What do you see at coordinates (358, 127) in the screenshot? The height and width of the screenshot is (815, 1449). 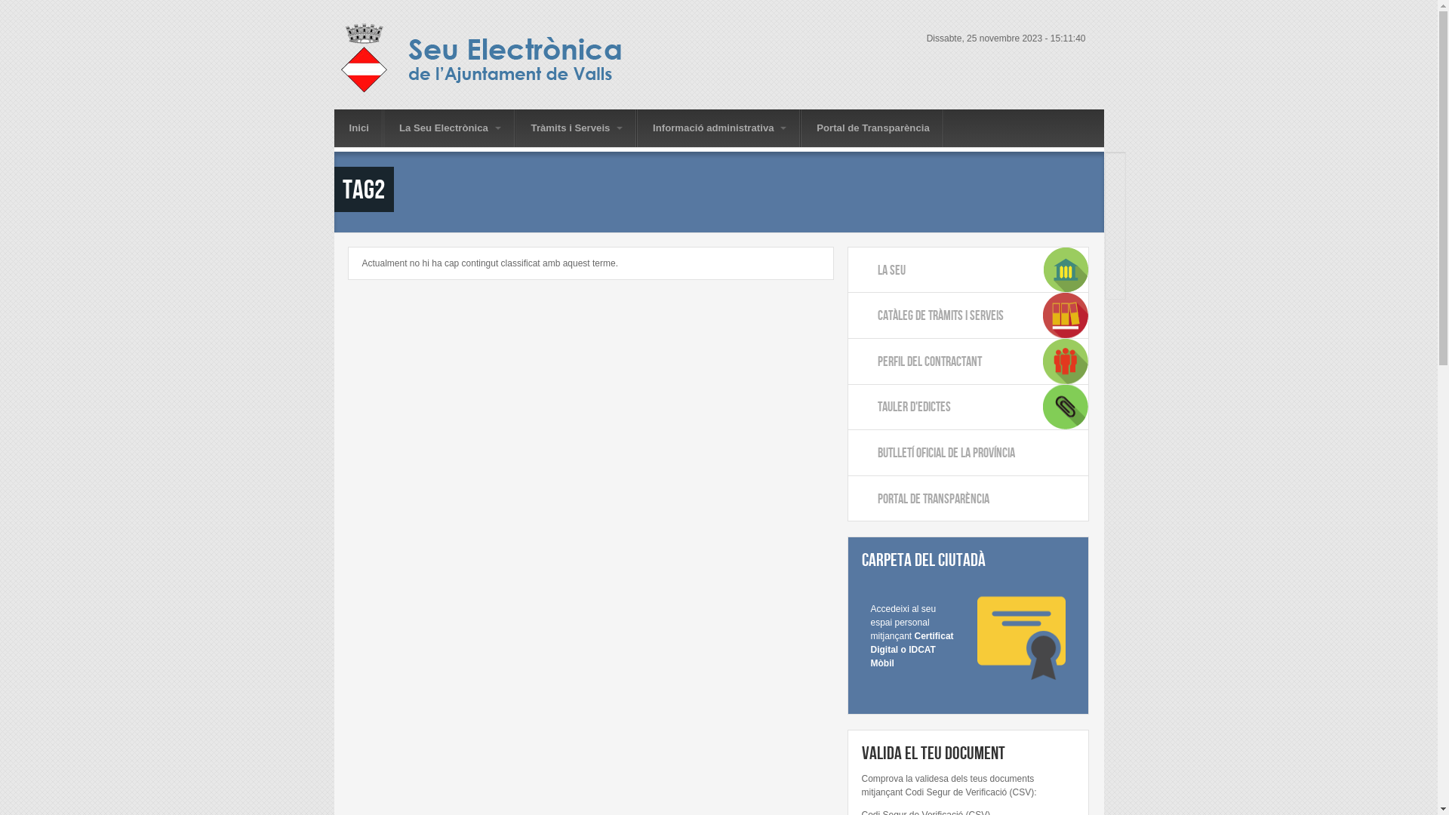 I see `'Inici'` at bounding box center [358, 127].